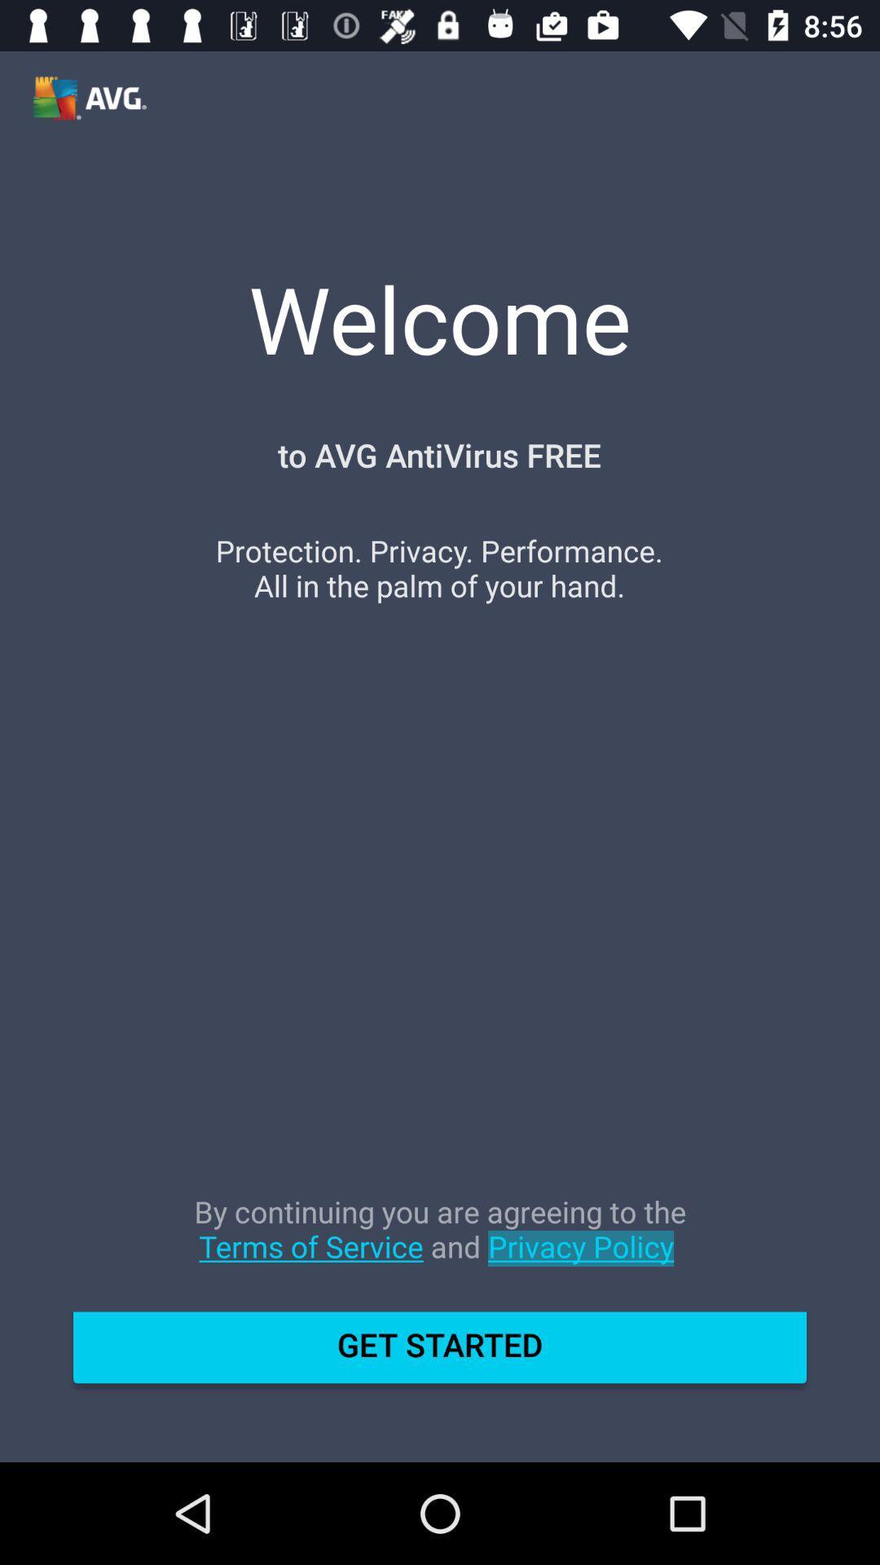 The image size is (880, 1565). I want to click on the by continuing you icon, so click(440, 1245).